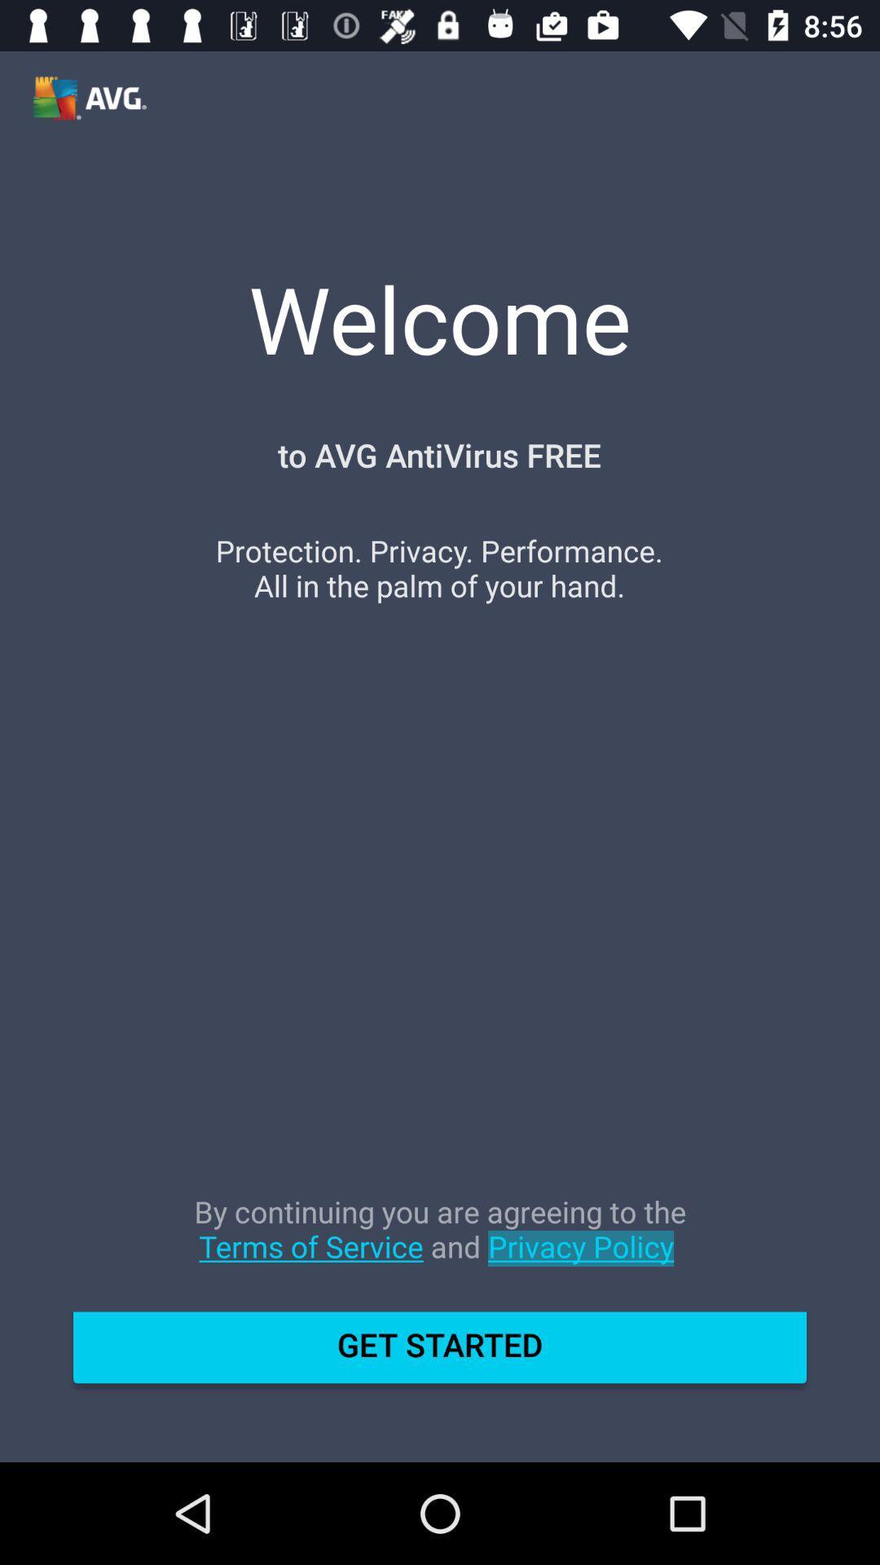 The image size is (880, 1565). I want to click on the by continuing you icon, so click(440, 1245).